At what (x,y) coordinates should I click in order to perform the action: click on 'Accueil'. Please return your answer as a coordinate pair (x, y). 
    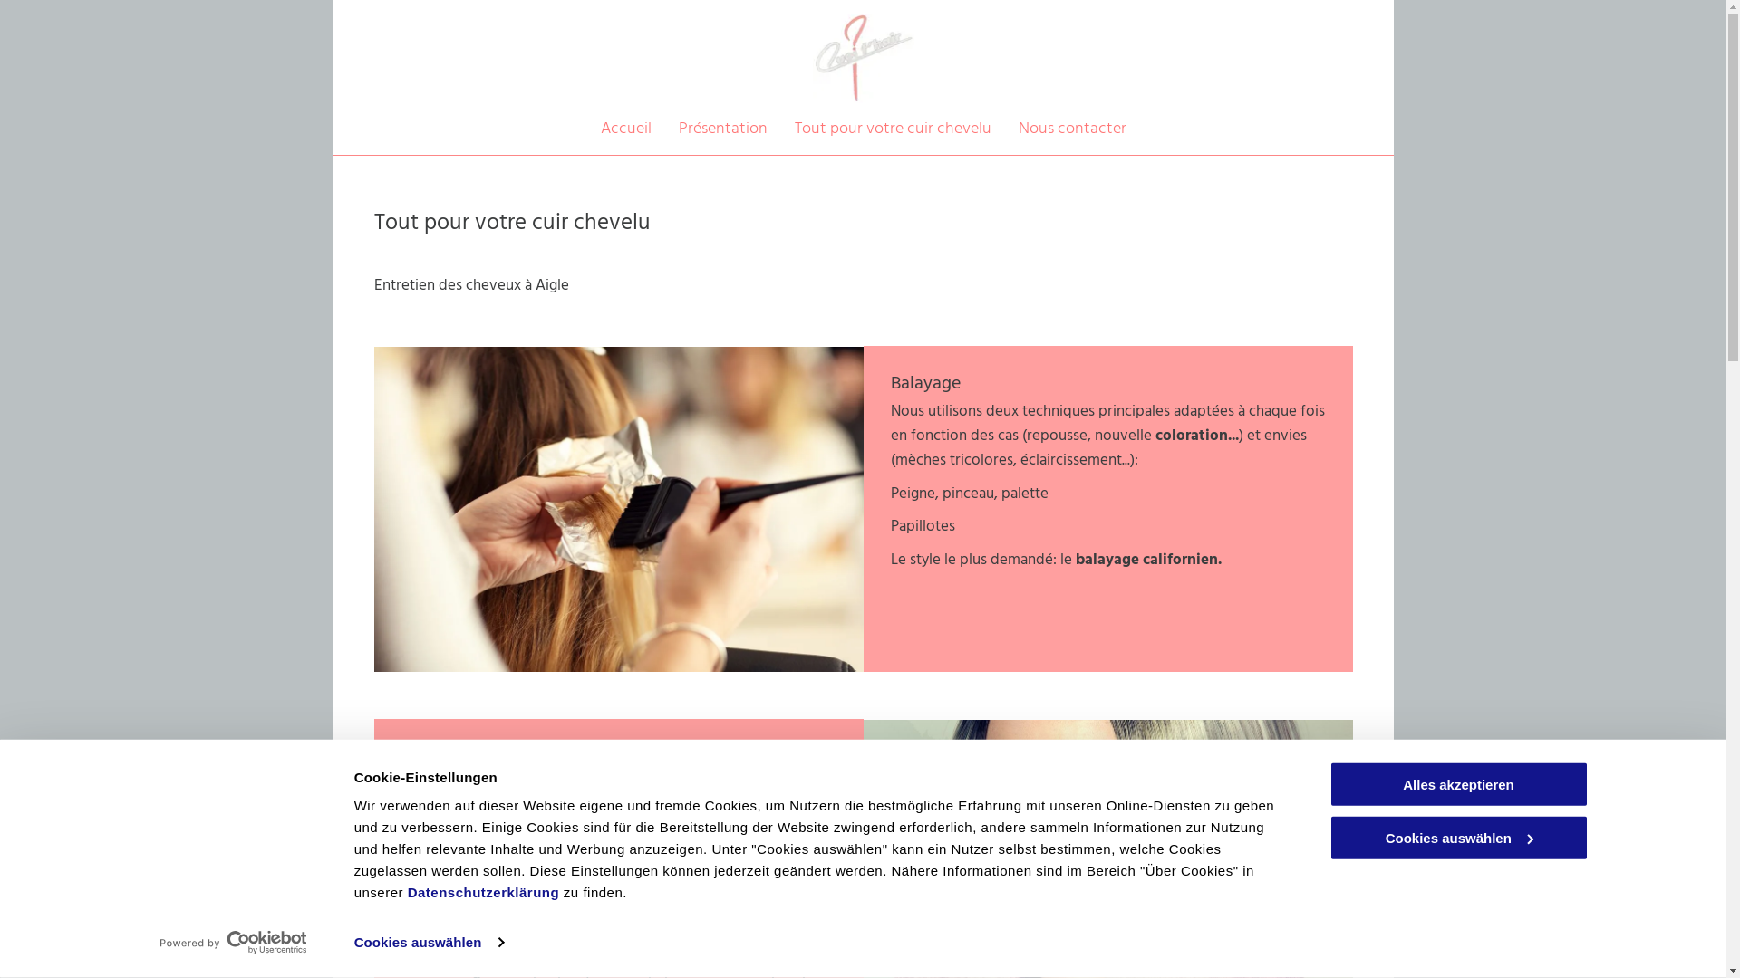
    Looking at the image, I should click on (625, 128).